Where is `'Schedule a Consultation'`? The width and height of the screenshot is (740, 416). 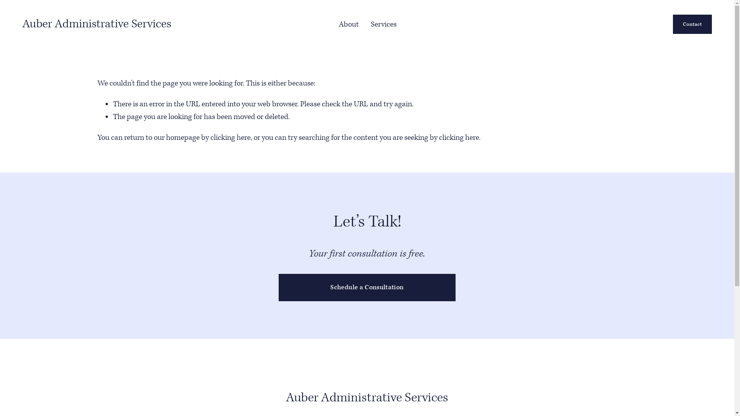 'Schedule a Consultation' is located at coordinates (367, 287).